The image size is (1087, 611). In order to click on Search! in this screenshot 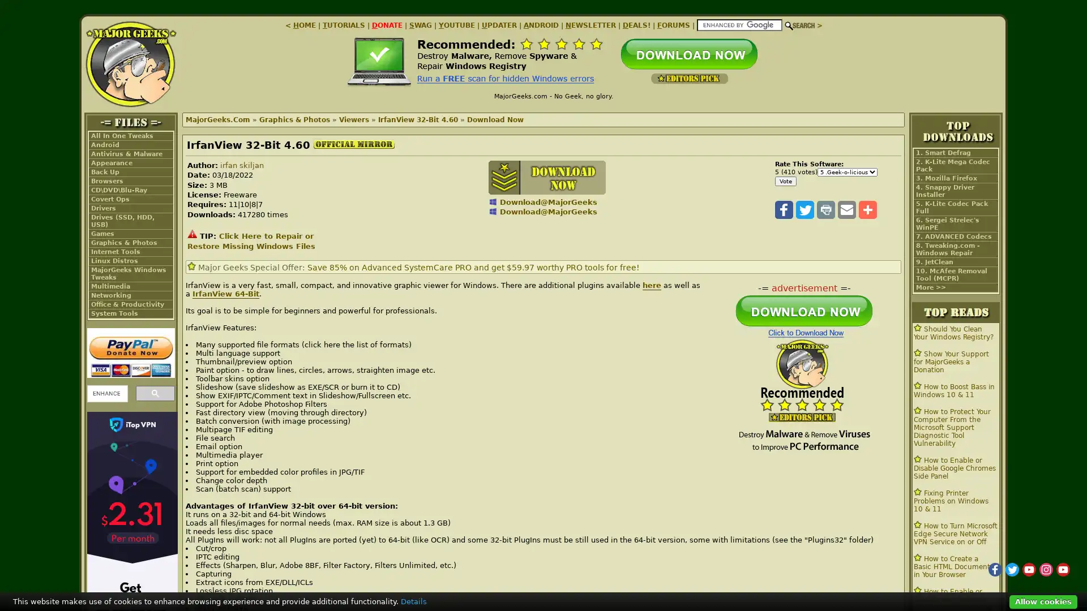, I will do `click(798, 25)`.